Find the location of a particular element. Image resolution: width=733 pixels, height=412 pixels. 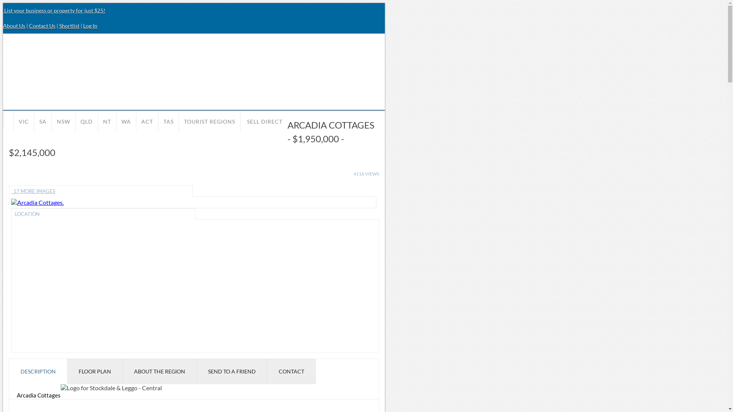

'TOURIST REGIONS' is located at coordinates (209, 121).